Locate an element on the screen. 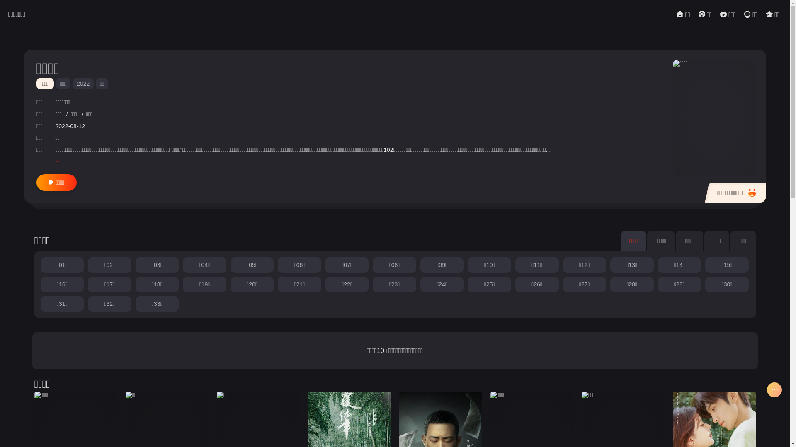 The width and height of the screenshot is (796, 447). '2022' is located at coordinates (72, 83).